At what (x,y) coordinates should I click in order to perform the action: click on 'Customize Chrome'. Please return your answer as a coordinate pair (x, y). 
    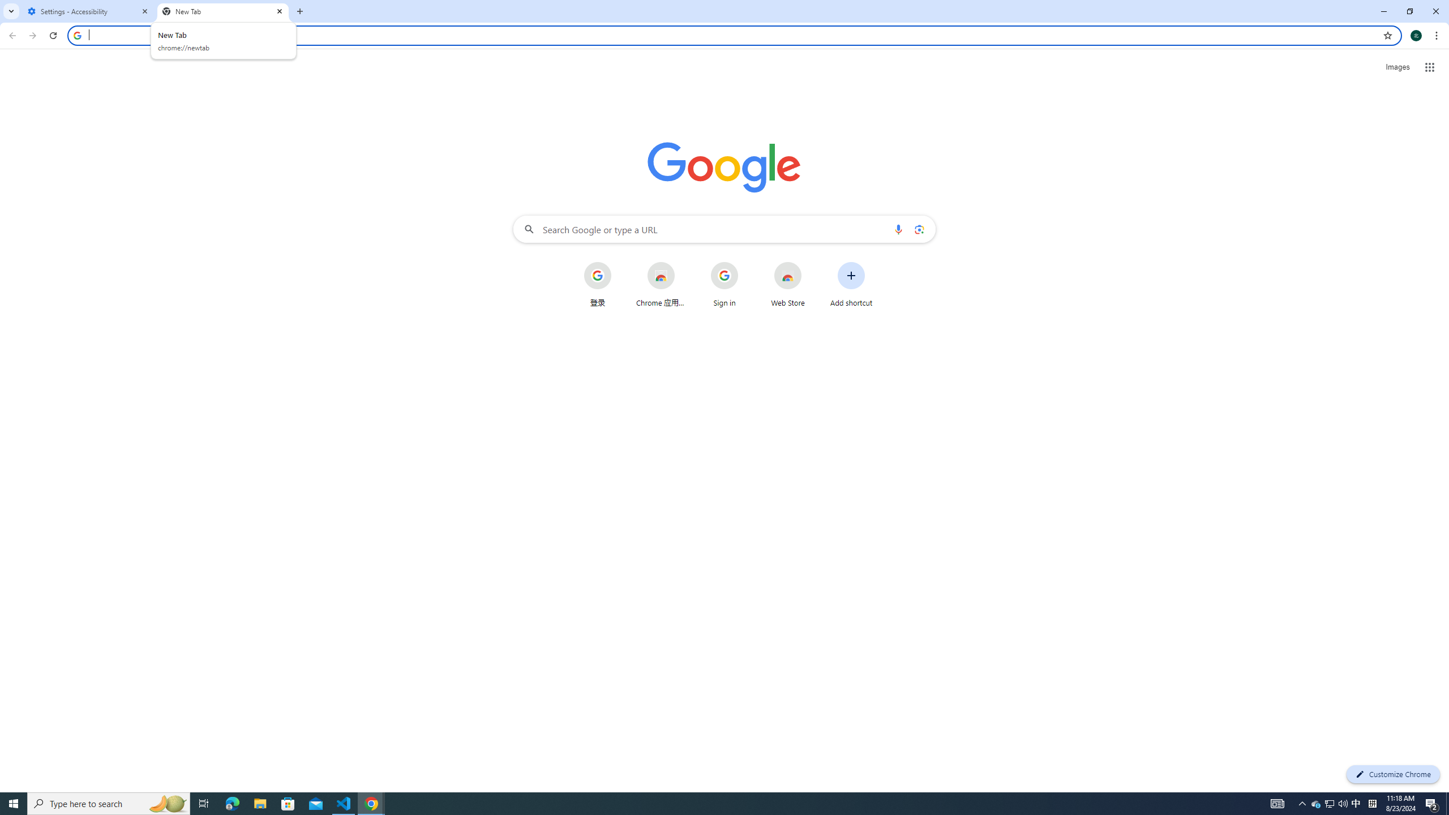
    Looking at the image, I should click on (1393, 774).